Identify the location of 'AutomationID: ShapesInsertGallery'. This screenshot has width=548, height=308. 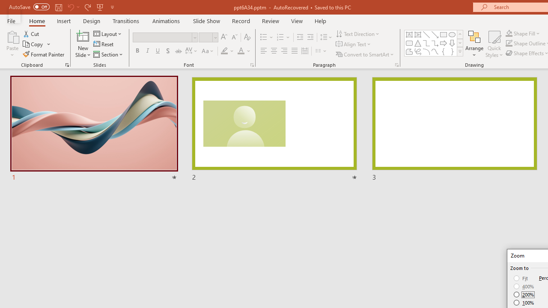
(434, 43).